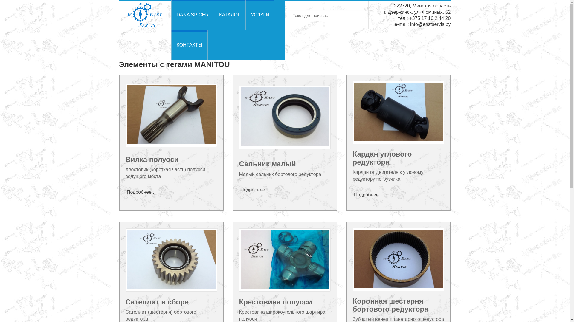 The width and height of the screenshot is (574, 322). Describe the element at coordinates (170, 15) in the screenshot. I see `'DANA SPICER'` at that location.